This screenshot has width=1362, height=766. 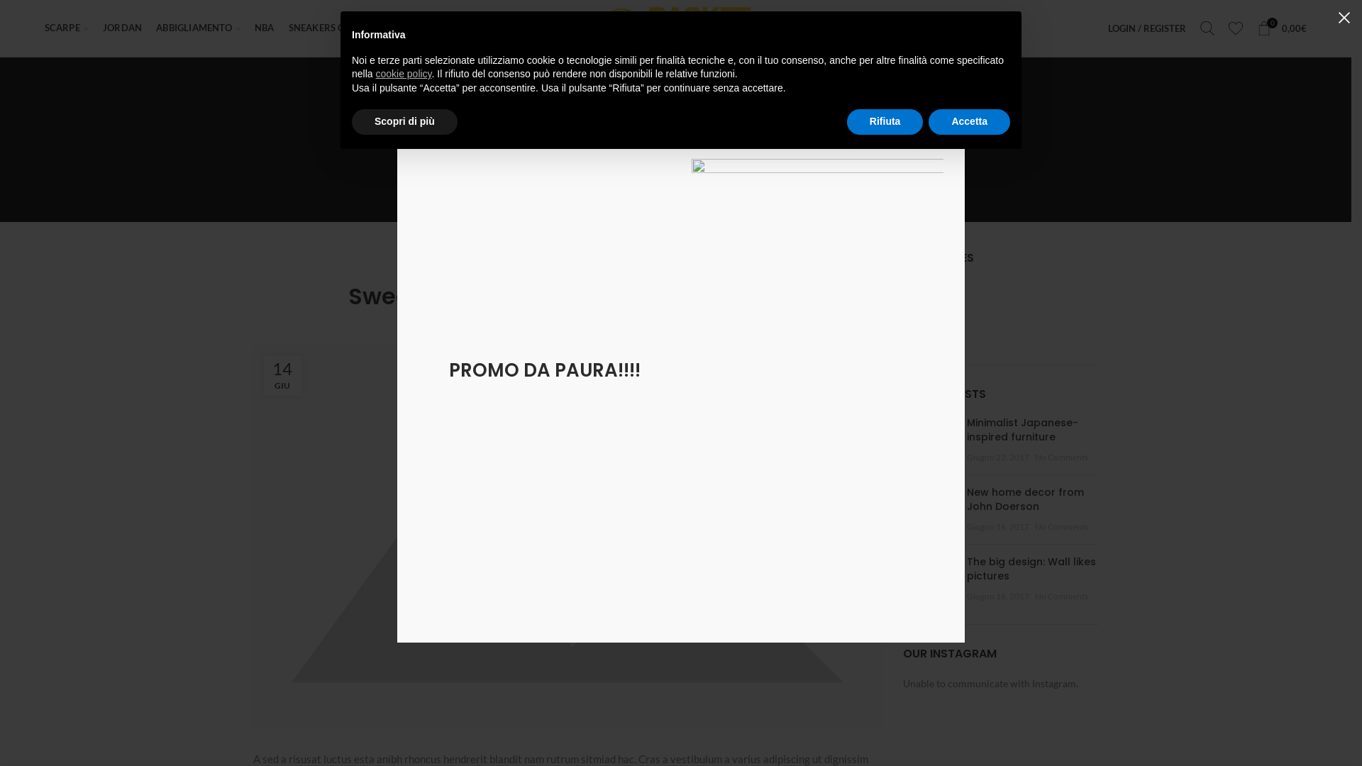 I want to click on 'SNEAKERS CUSTOM', so click(x=332, y=28).